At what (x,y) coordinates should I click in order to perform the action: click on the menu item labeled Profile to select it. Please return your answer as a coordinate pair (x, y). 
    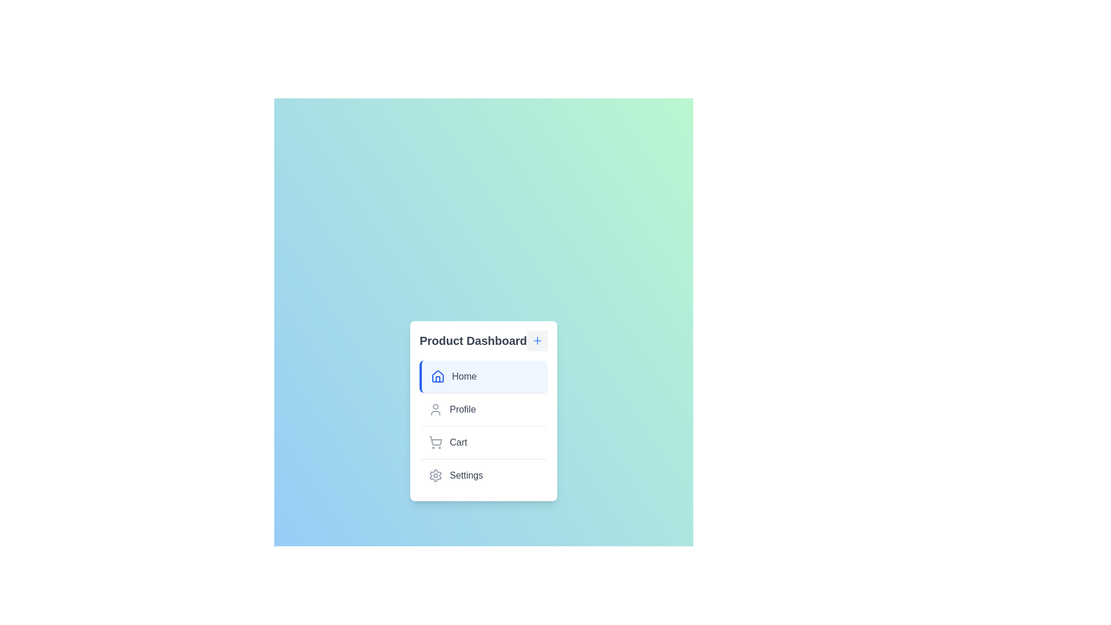
    Looking at the image, I should click on (483, 408).